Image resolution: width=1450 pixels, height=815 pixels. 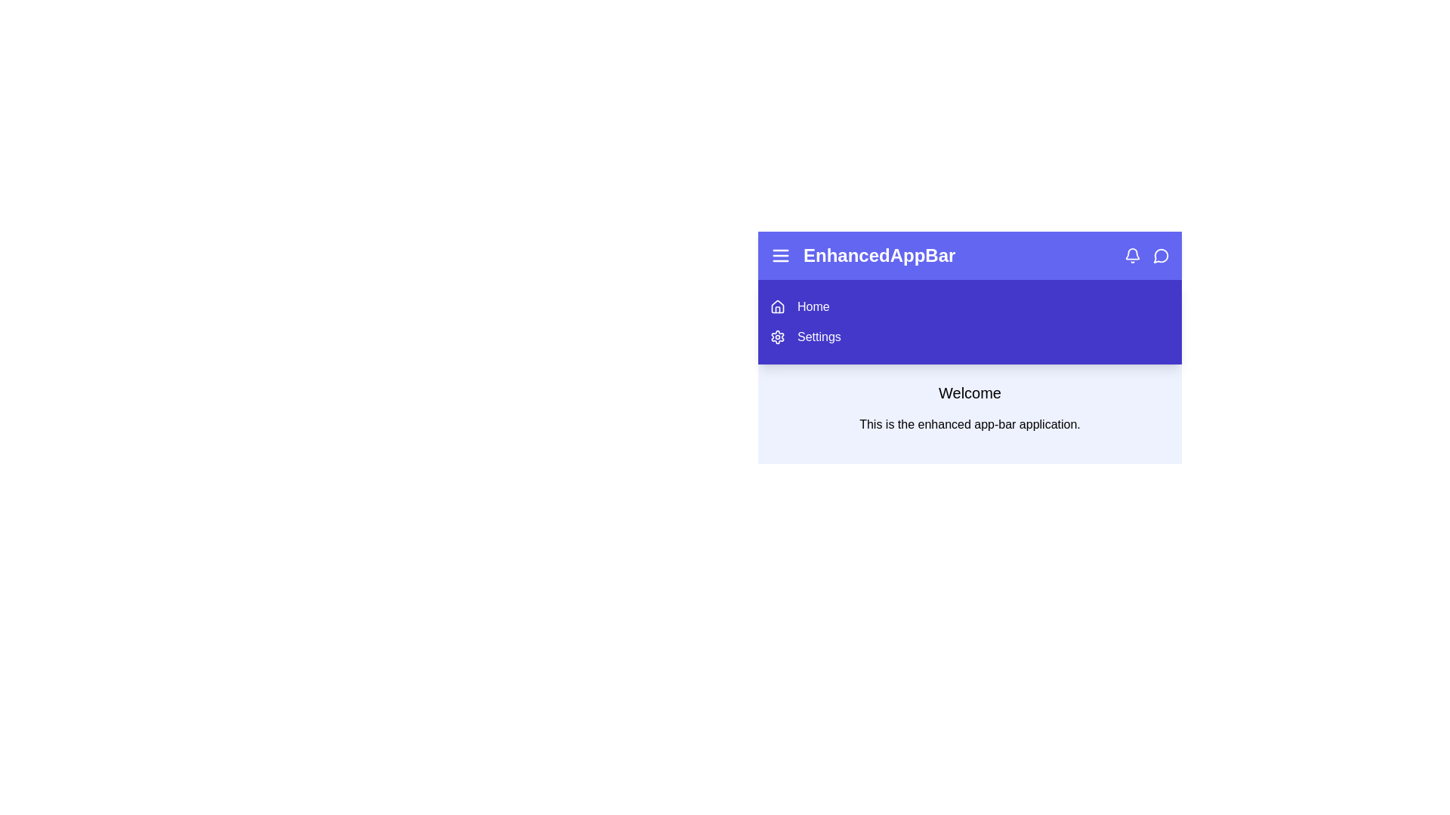 What do you see at coordinates (778, 337) in the screenshot?
I see `the 'Settings' option in the sidebar menu` at bounding box center [778, 337].